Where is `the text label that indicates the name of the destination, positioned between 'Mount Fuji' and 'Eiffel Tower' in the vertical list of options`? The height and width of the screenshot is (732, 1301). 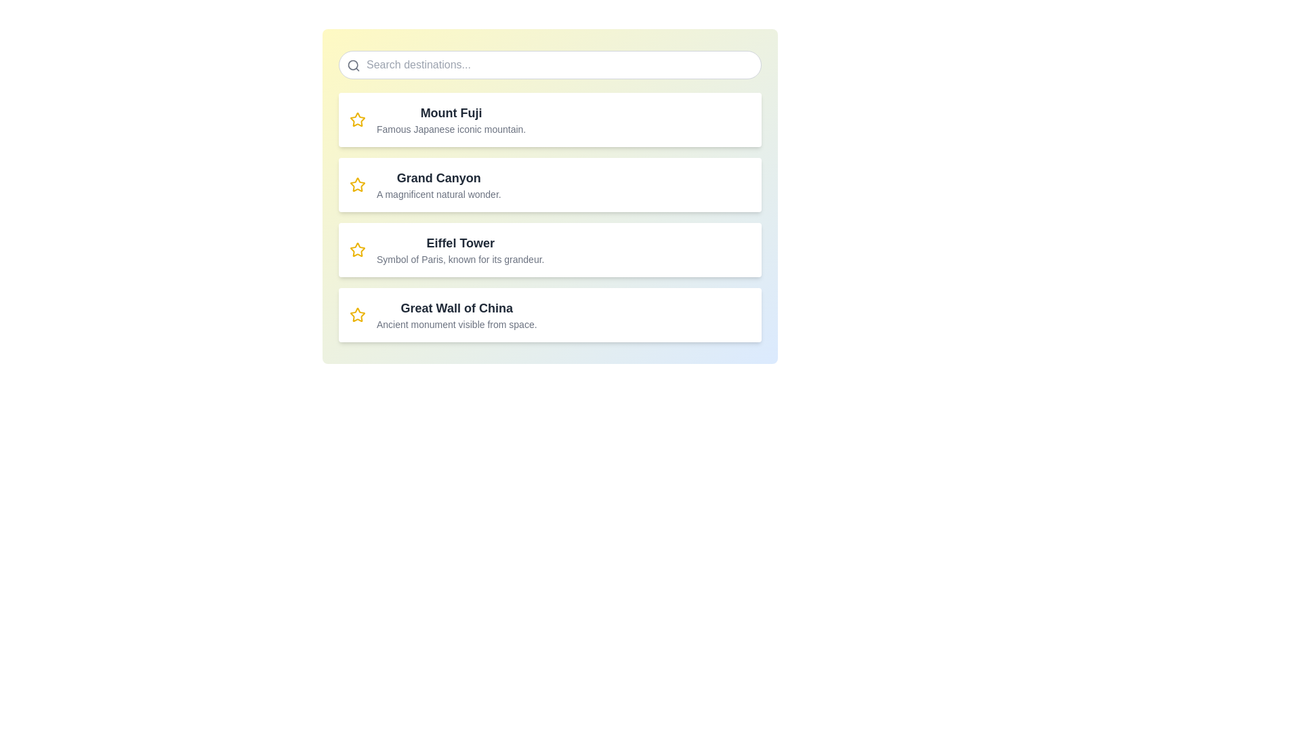 the text label that indicates the name of the destination, positioned between 'Mount Fuji' and 'Eiffel Tower' in the vertical list of options is located at coordinates (438, 177).